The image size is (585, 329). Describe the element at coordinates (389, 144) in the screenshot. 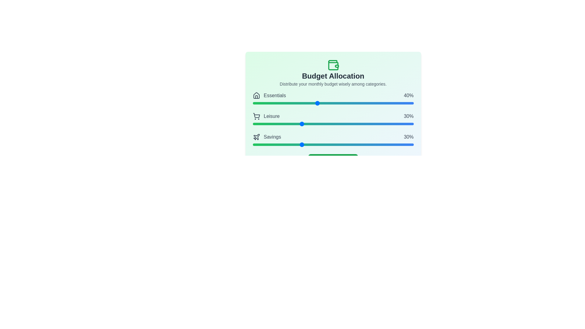

I see `the 'Savings' slider to set its value to 85` at that location.